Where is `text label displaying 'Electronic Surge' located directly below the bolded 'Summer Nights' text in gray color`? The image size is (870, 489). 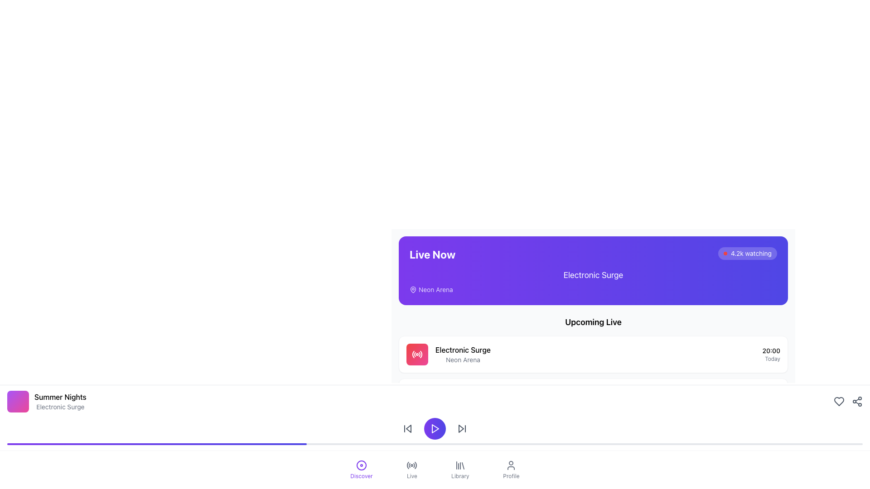 text label displaying 'Electronic Surge' located directly below the bolded 'Summer Nights' text in gray color is located at coordinates (60, 406).